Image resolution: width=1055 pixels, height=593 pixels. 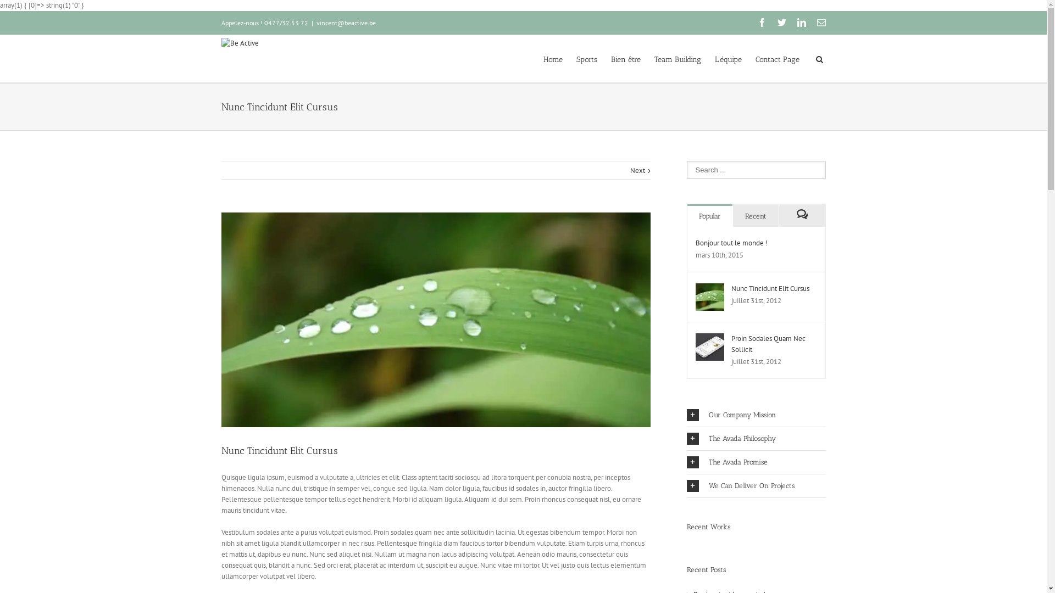 What do you see at coordinates (709, 215) in the screenshot?
I see `'Popular'` at bounding box center [709, 215].